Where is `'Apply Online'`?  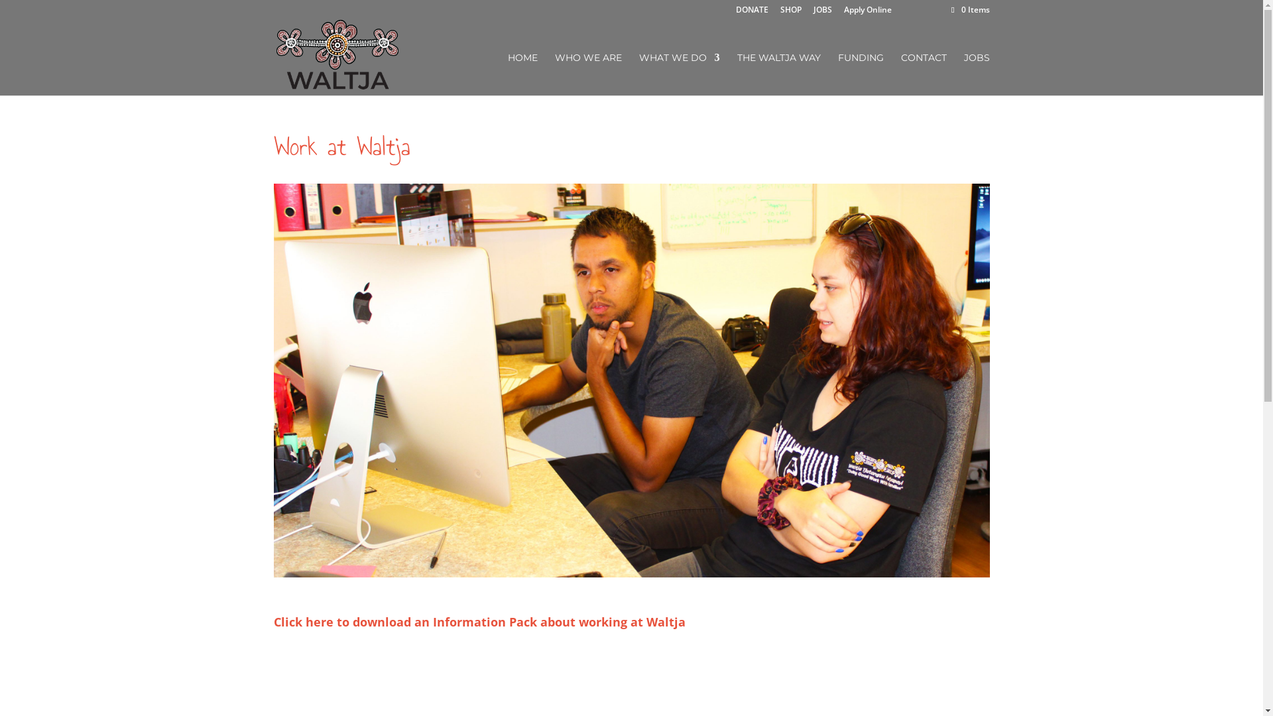
'Apply Online' is located at coordinates (868, 13).